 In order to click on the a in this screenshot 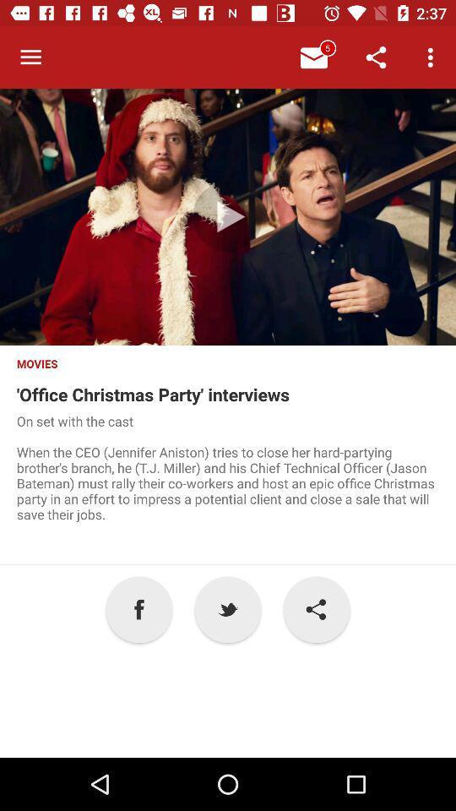, I will do `click(138, 608)`.